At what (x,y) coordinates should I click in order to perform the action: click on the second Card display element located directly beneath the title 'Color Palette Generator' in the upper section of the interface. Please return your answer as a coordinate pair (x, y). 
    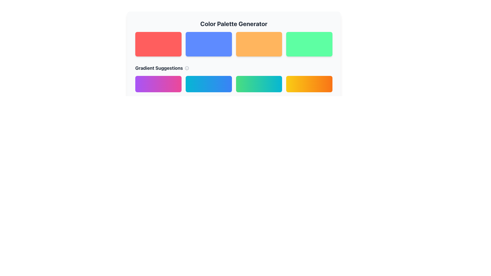
    Looking at the image, I should click on (233, 51).